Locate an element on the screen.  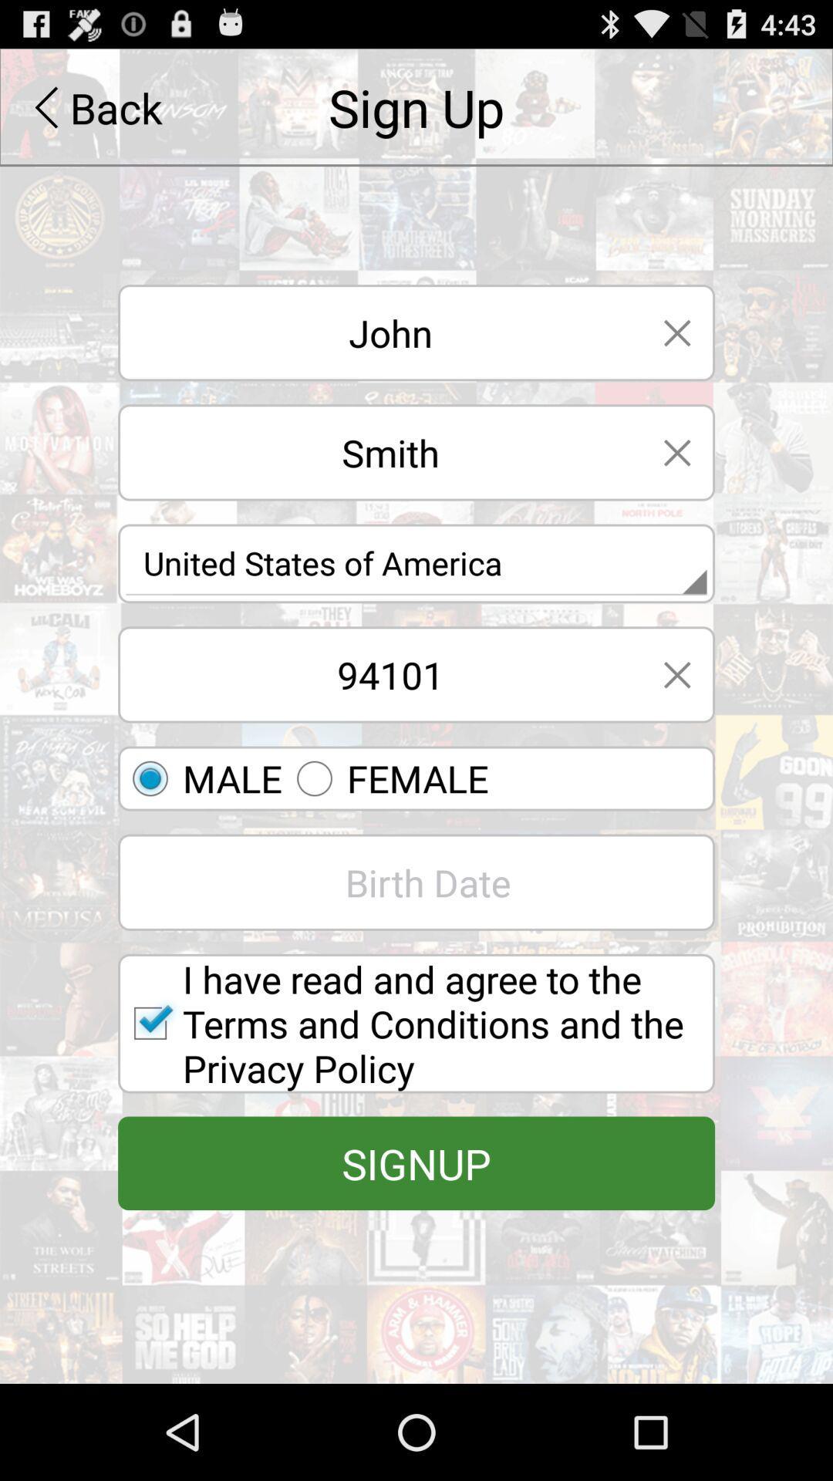
the number field is located at coordinates (379, 674).